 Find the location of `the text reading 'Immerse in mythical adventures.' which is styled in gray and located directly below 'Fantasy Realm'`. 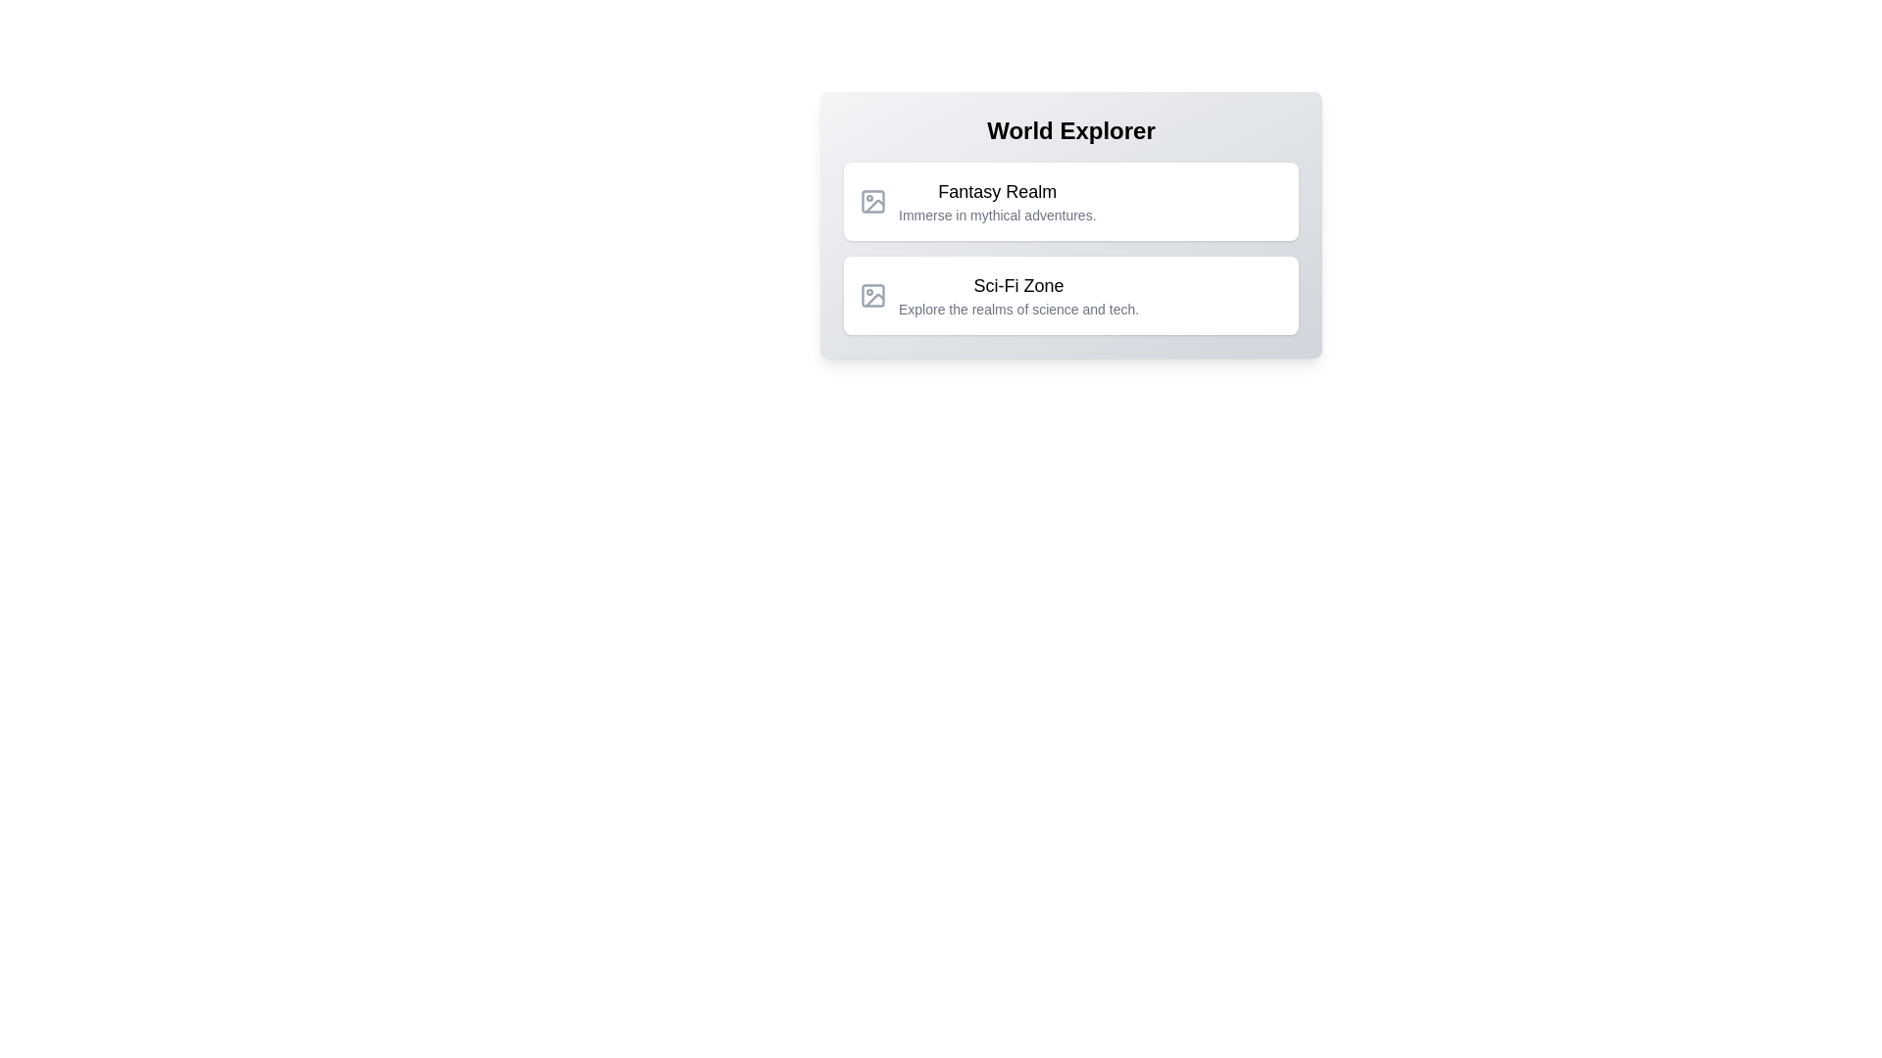

the text reading 'Immerse in mythical adventures.' which is styled in gray and located directly below 'Fantasy Realm' is located at coordinates (997, 215).